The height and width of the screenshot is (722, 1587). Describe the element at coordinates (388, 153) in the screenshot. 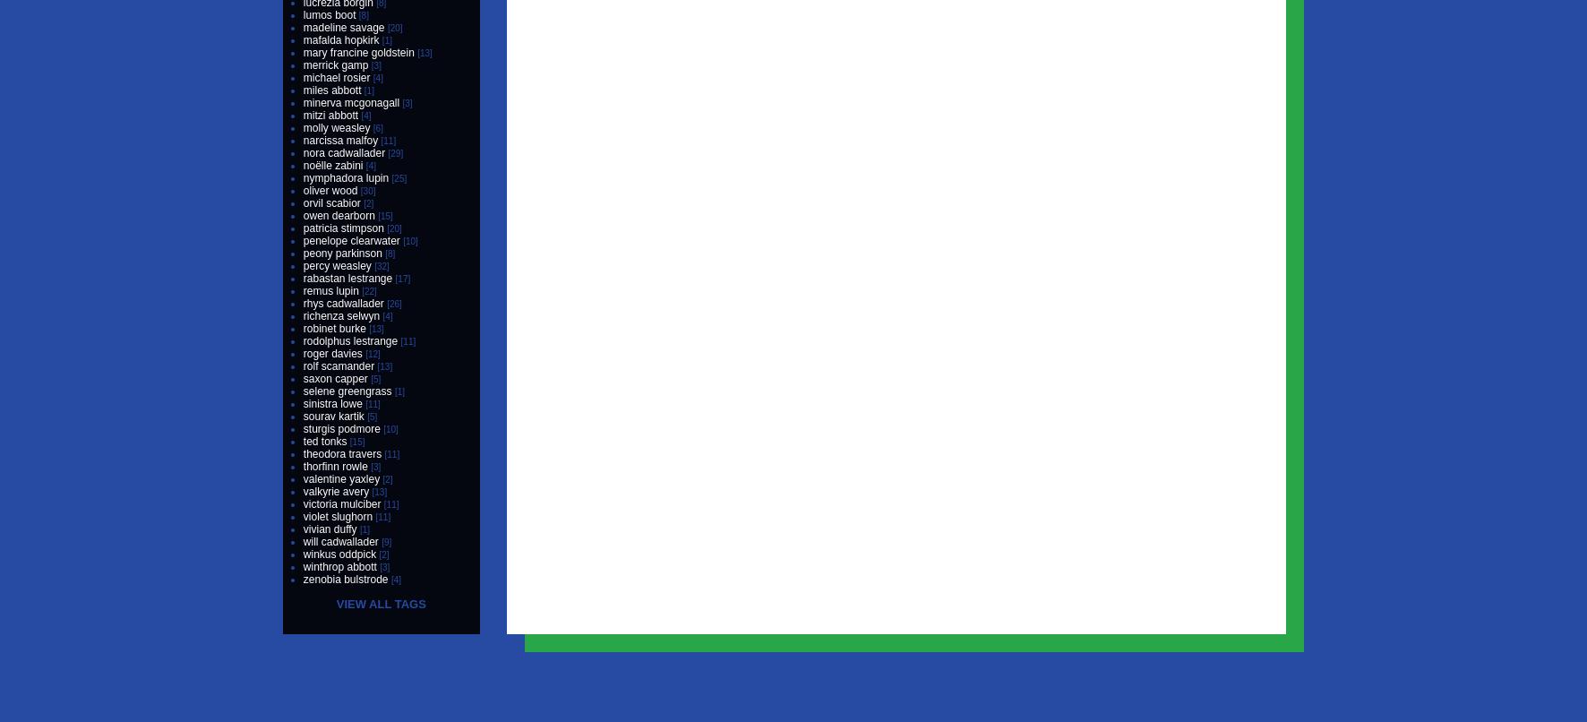

I see `'[29]'` at that location.